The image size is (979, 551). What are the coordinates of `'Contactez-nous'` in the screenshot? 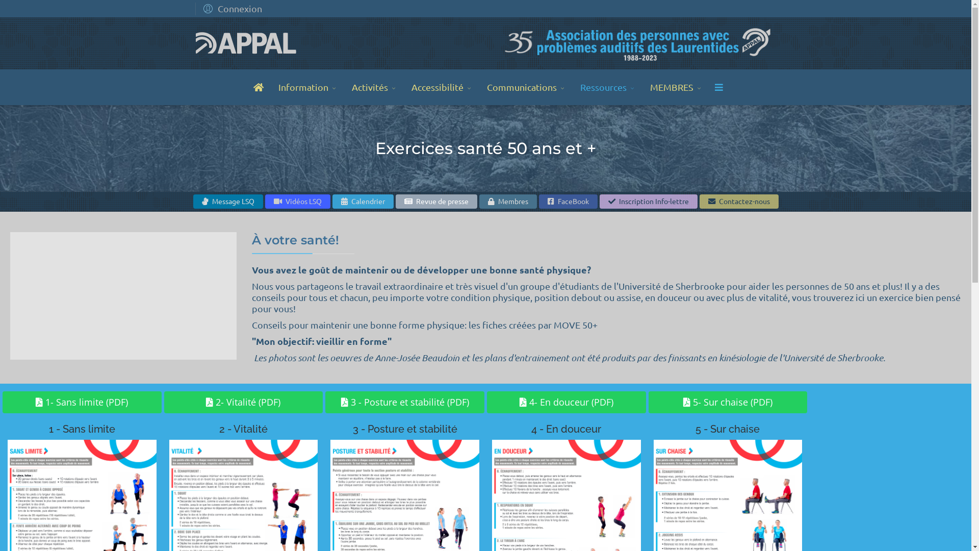 It's located at (739, 201).